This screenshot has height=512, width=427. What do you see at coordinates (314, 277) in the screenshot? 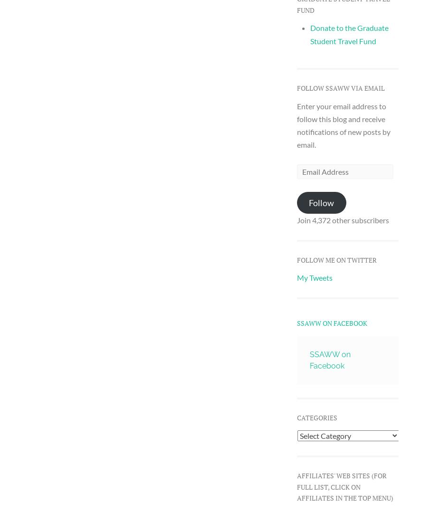
I see `'My Tweets'` at bounding box center [314, 277].